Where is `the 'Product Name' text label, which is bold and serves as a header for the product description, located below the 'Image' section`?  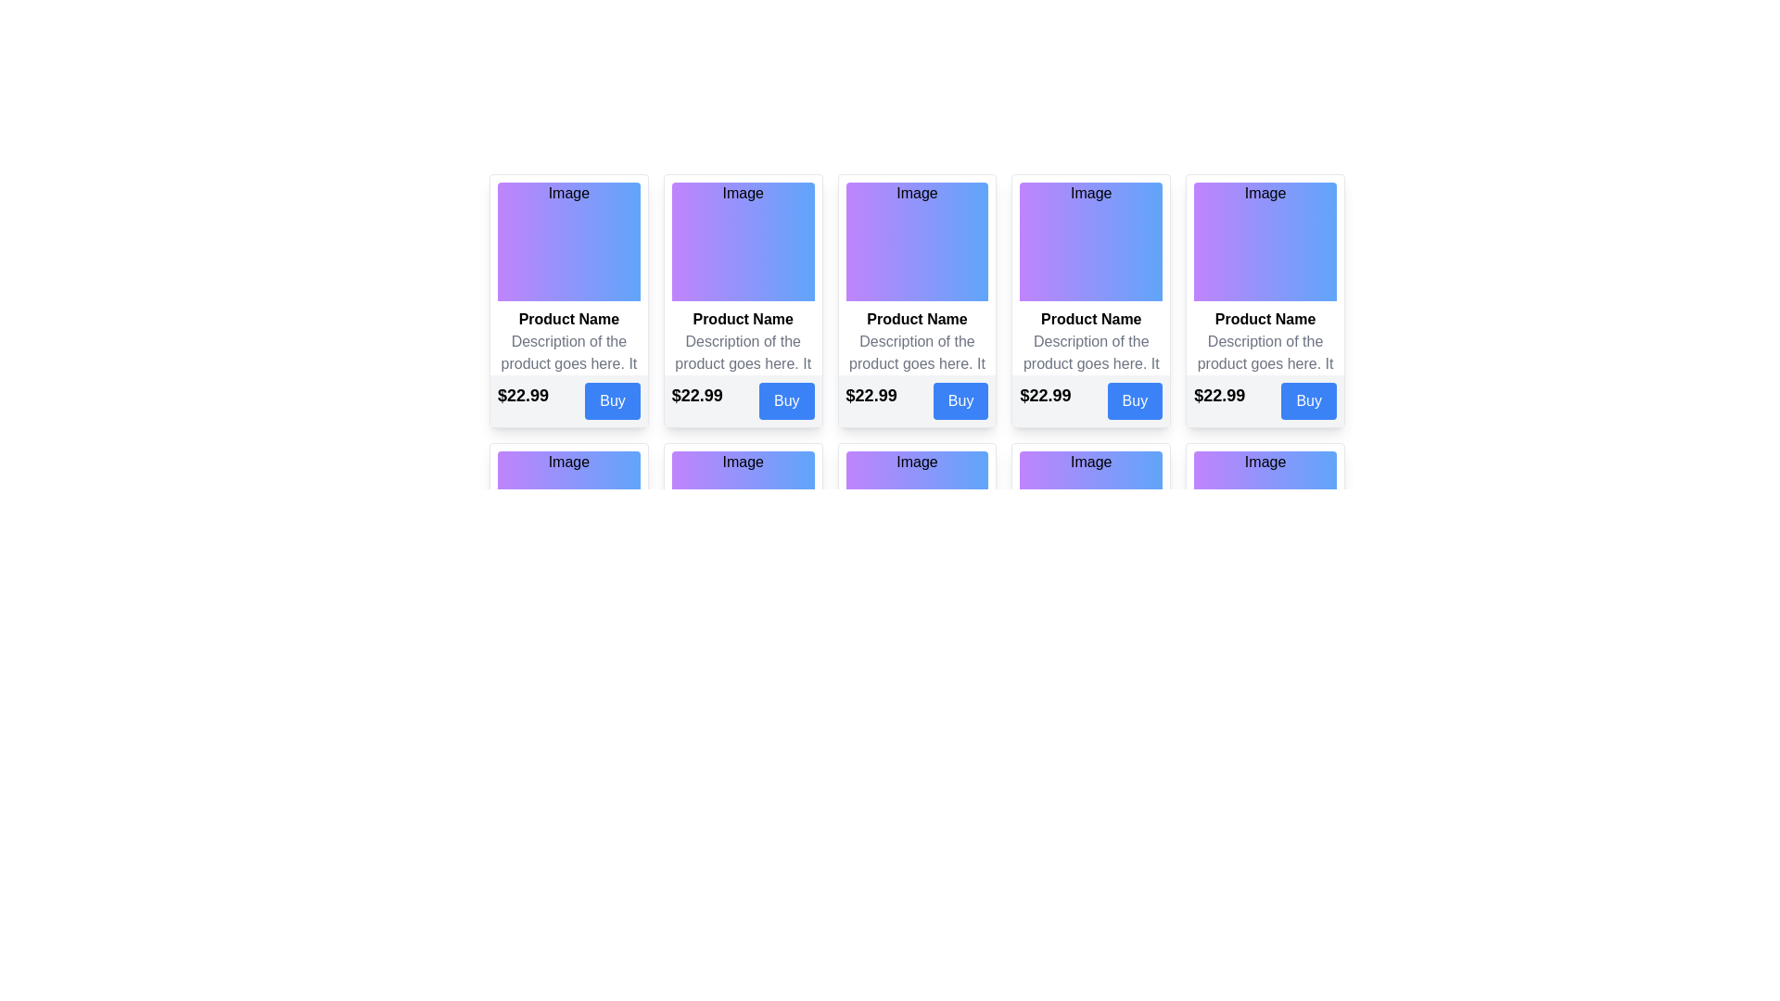
the 'Product Name' text label, which is bold and serves as a header for the product description, located below the 'Image' section is located at coordinates (1265, 318).